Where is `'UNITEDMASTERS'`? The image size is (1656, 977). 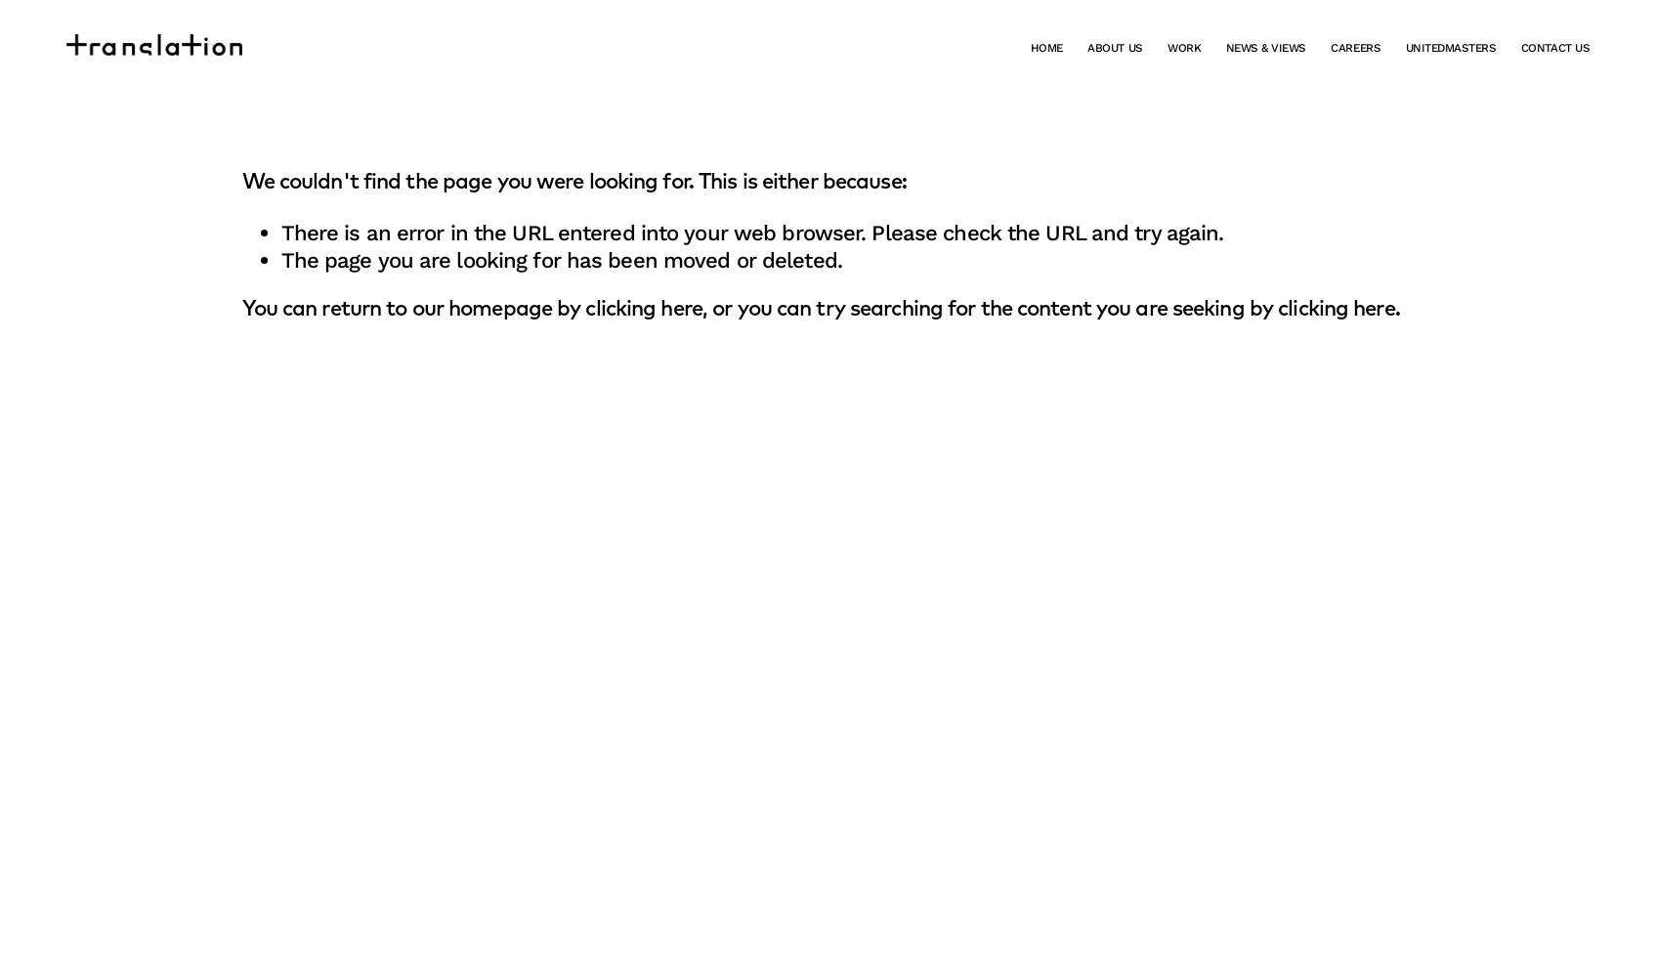 'UNITEDMASTERS' is located at coordinates (1450, 47).